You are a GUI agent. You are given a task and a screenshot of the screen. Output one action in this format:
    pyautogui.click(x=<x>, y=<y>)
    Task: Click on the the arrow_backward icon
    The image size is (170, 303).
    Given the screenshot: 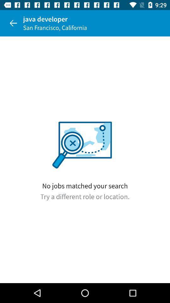 What is the action you would take?
    pyautogui.click(x=13, y=23)
    